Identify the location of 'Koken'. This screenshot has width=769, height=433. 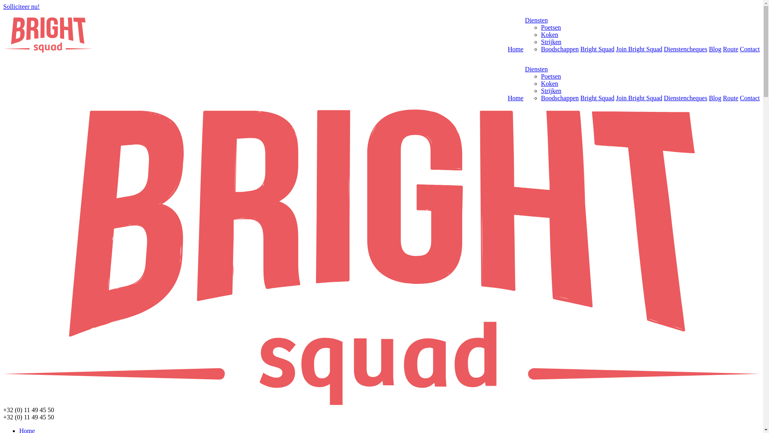
(549, 34).